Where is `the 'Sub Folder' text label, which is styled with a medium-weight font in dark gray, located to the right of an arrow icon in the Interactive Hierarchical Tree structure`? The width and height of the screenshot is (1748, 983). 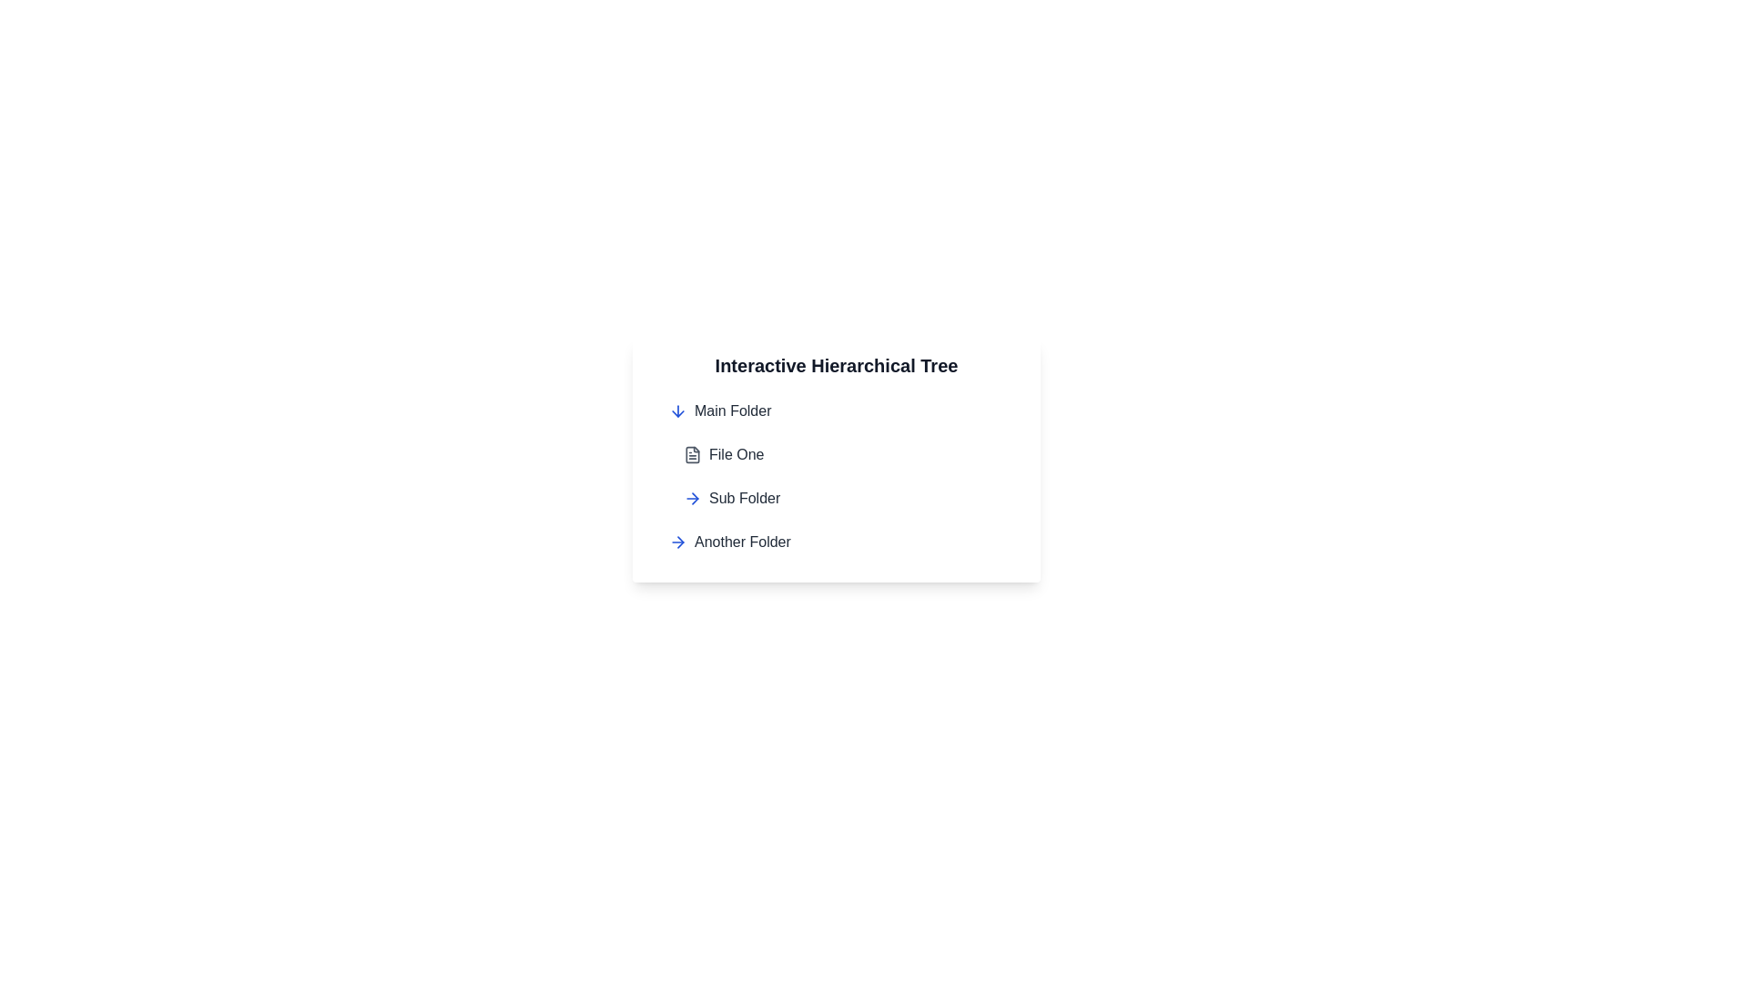
the 'Sub Folder' text label, which is styled with a medium-weight font in dark gray, located to the right of an arrow icon in the Interactive Hierarchical Tree structure is located at coordinates (745, 498).